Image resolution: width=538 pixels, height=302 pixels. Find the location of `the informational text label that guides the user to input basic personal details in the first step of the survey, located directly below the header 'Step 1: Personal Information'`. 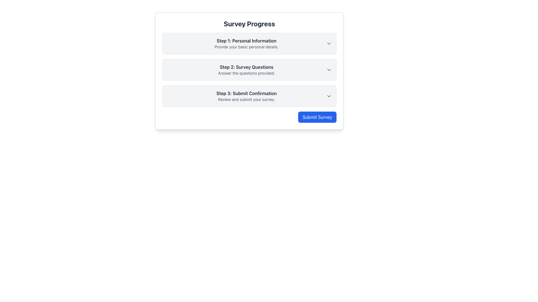

the informational text label that guides the user to input basic personal details in the first step of the survey, located directly below the header 'Step 1: Personal Information' is located at coordinates (246, 47).